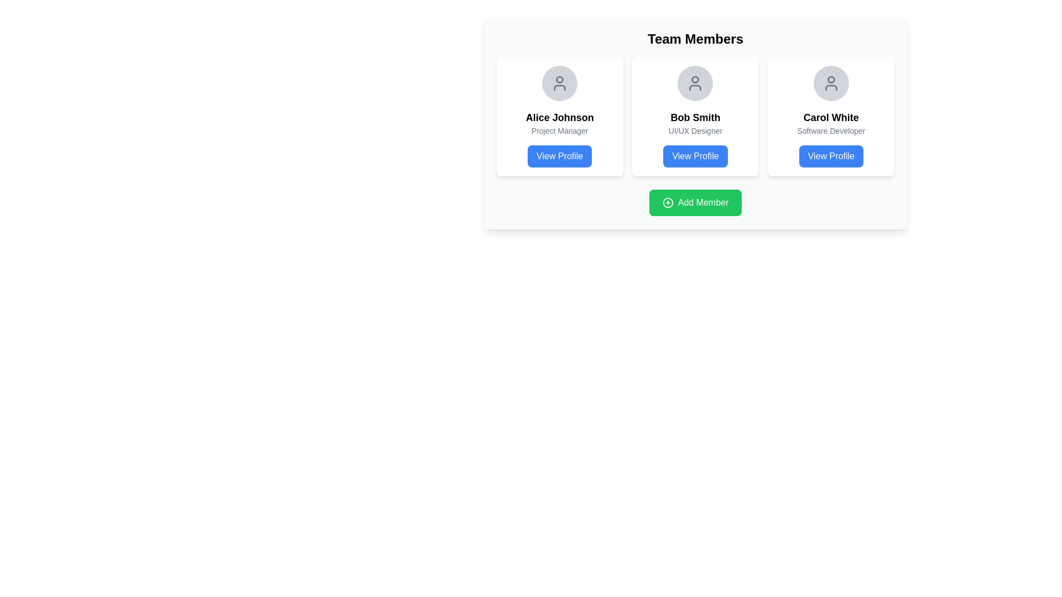 The width and height of the screenshot is (1062, 597). I want to click on the text label displaying 'Alice Johnson', which is styled in bold and slightly larger font, positioned between the user's circular avatar and the description 'Project Manager', so click(560, 117).